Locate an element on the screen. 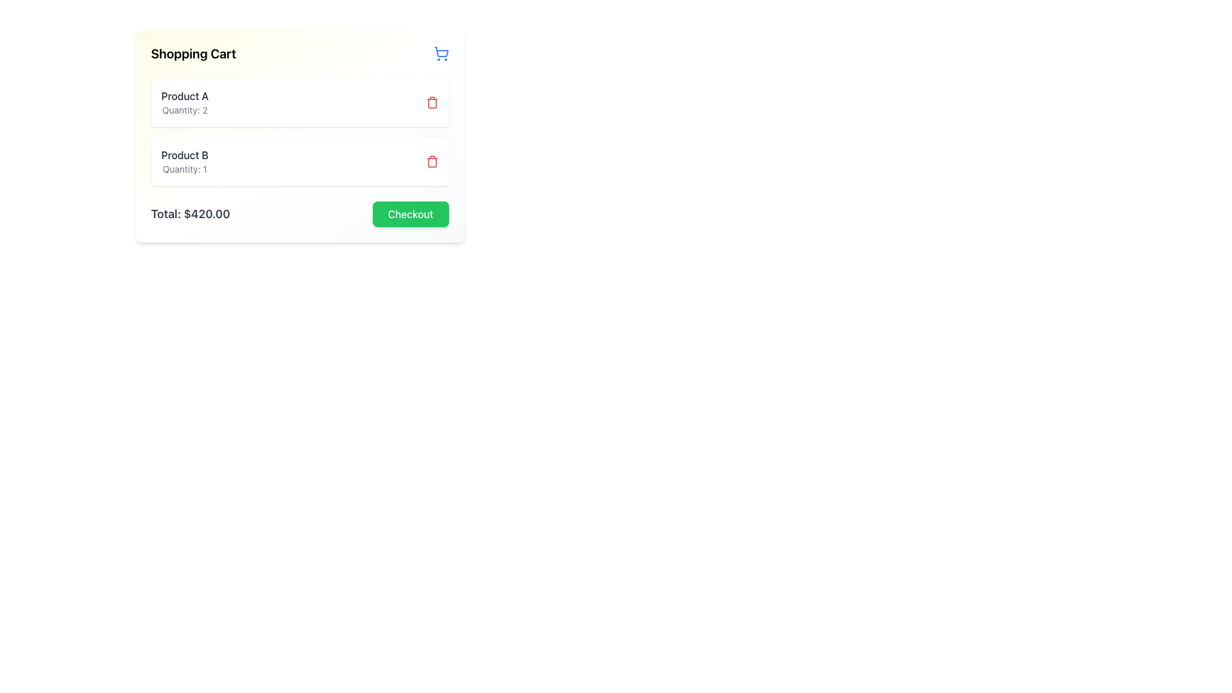 The width and height of the screenshot is (1232, 693). the 'Shopping Cart' text label, which is styled with a bold and large font and located at the top-left corner of the shopping cart summary card interface is located at coordinates (193, 53).